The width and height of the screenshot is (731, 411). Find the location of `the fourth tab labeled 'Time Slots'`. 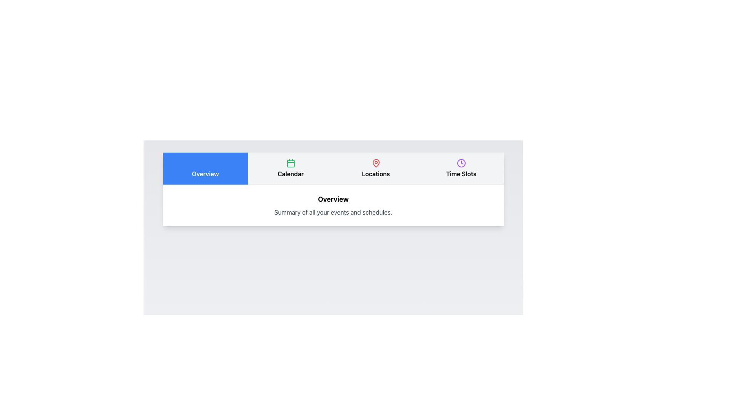

the fourth tab labeled 'Time Slots' is located at coordinates (461, 168).